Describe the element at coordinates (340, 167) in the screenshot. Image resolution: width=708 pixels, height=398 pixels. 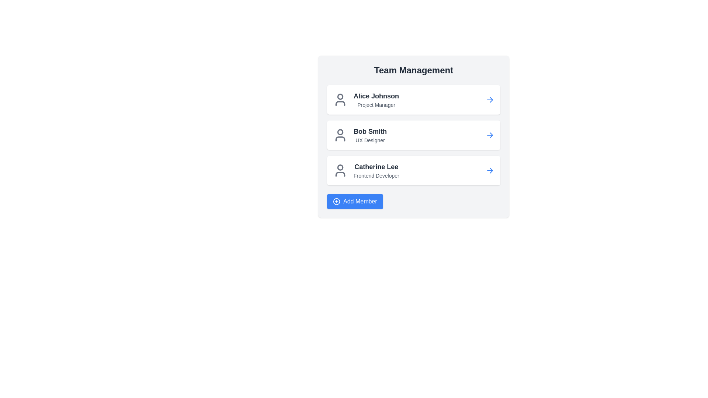
I see `the user avatar icon, which is a circular shape representing a user's head, located within the outlined user icon next to 'Catherine Lee' in the 'Team Management' card` at that location.